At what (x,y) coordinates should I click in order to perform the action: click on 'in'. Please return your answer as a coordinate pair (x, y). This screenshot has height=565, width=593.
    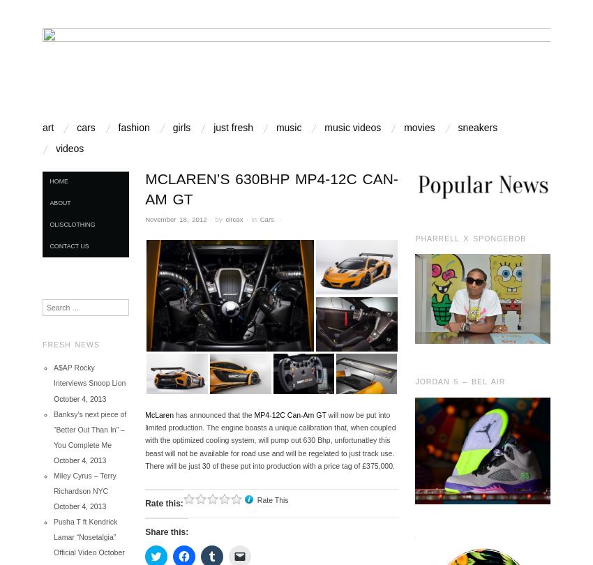
    Looking at the image, I should click on (246, 218).